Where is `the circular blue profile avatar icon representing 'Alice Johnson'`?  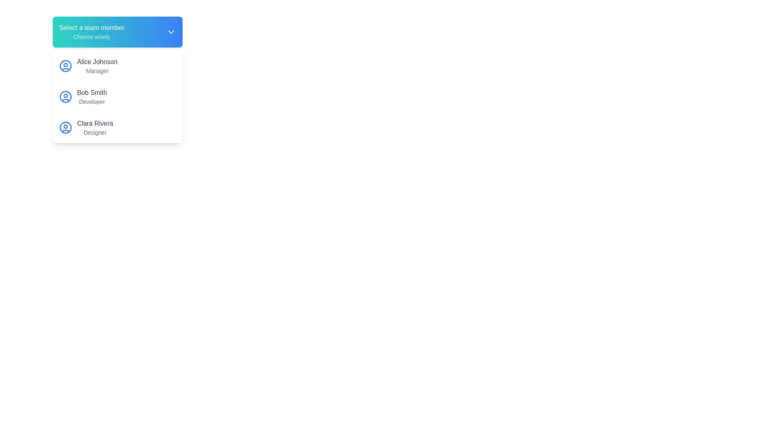 the circular blue profile avatar icon representing 'Alice Johnson' is located at coordinates (66, 65).